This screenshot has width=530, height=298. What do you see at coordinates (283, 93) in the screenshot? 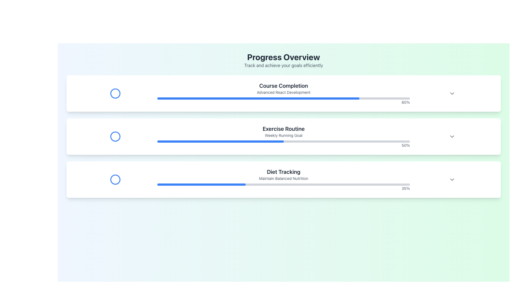
I see `the Progress Indicator for the 'Advanced React Development' course, which is located near the top of the interface under the main heading, in the first section of a vertical list of progress indicators` at bounding box center [283, 93].